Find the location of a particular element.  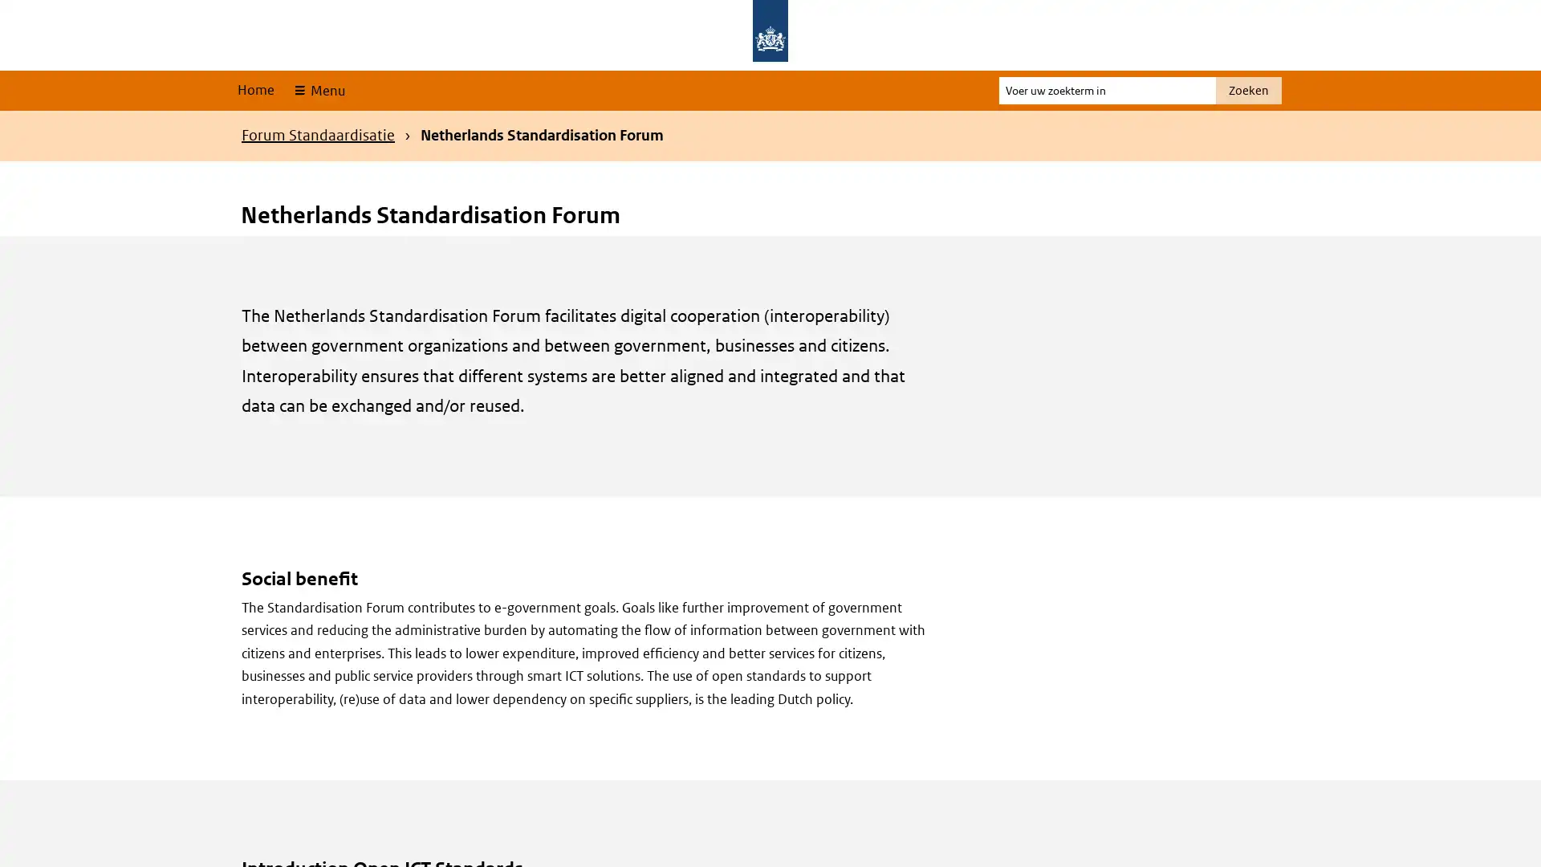

Toggle main menu navigation is located at coordinates (318, 90).